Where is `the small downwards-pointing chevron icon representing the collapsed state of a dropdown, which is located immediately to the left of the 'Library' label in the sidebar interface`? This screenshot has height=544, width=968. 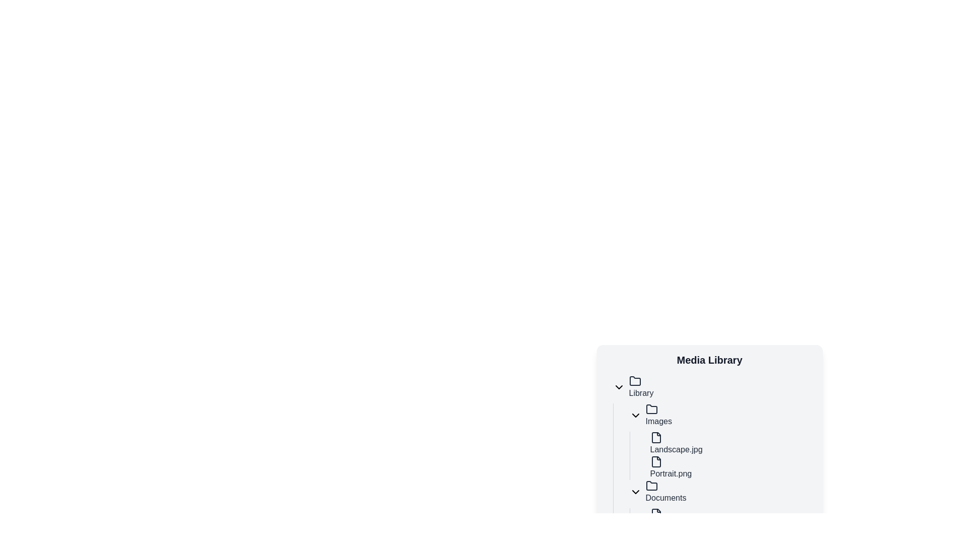
the small downwards-pointing chevron icon representing the collapsed state of a dropdown, which is located immediately to the left of the 'Library' label in the sidebar interface is located at coordinates (618, 386).